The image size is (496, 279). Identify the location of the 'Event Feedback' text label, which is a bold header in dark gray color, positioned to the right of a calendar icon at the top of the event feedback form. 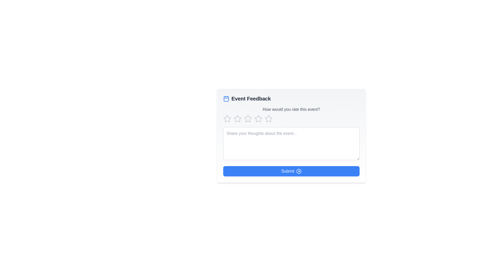
(251, 98).